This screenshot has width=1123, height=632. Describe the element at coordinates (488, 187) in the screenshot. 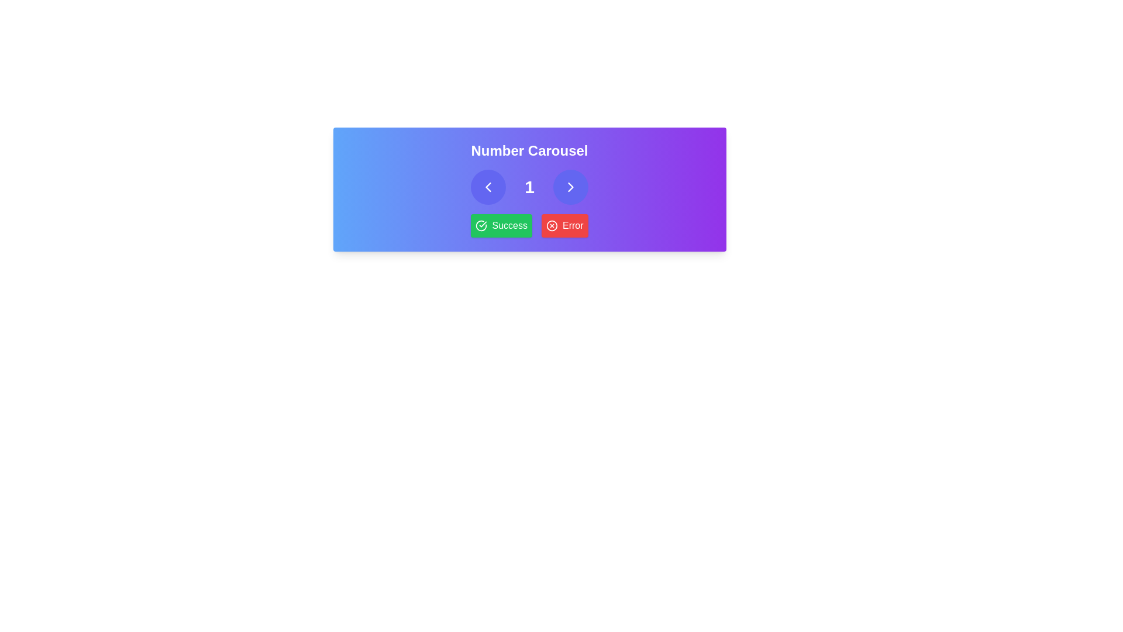

I see `the circular button with a purple background and white chevron-left icon, located to the left of the center numeric display '1'` at that location.